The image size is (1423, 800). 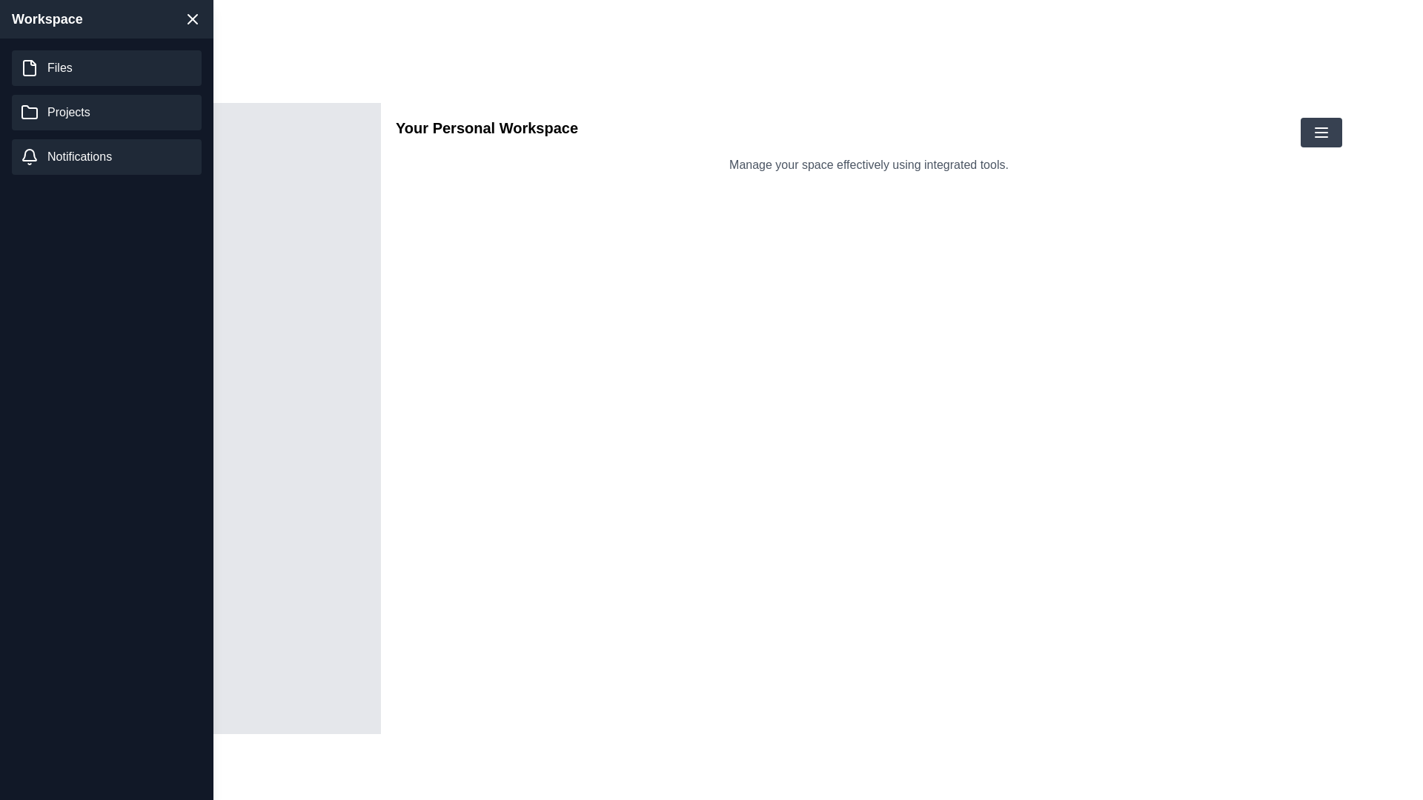 I want to click on the close button to hide the drawer, so click(x=191, y=19).